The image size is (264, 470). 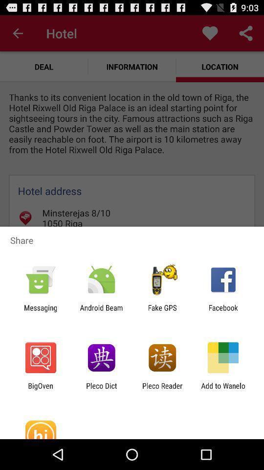 What do you see at coordinates (40, 390) in the screenshot?
I see `the bigoven icon` at bounding box center [40, 390].